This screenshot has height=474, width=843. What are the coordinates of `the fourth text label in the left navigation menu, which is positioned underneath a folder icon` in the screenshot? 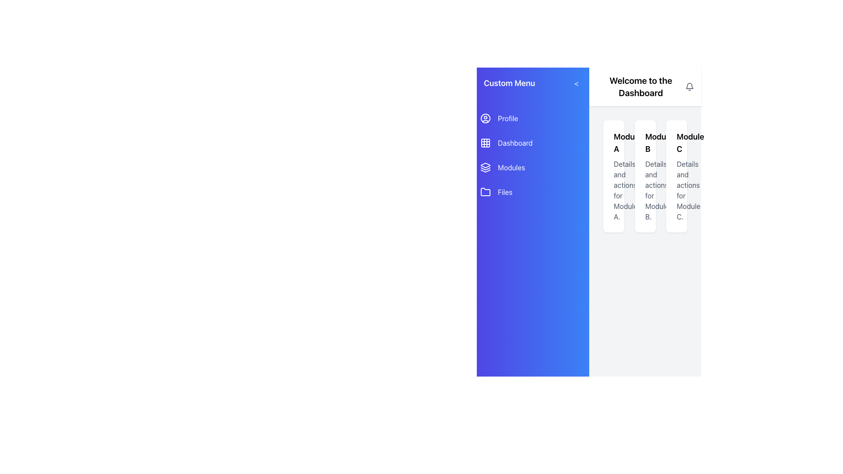 It's located at (505, 192).